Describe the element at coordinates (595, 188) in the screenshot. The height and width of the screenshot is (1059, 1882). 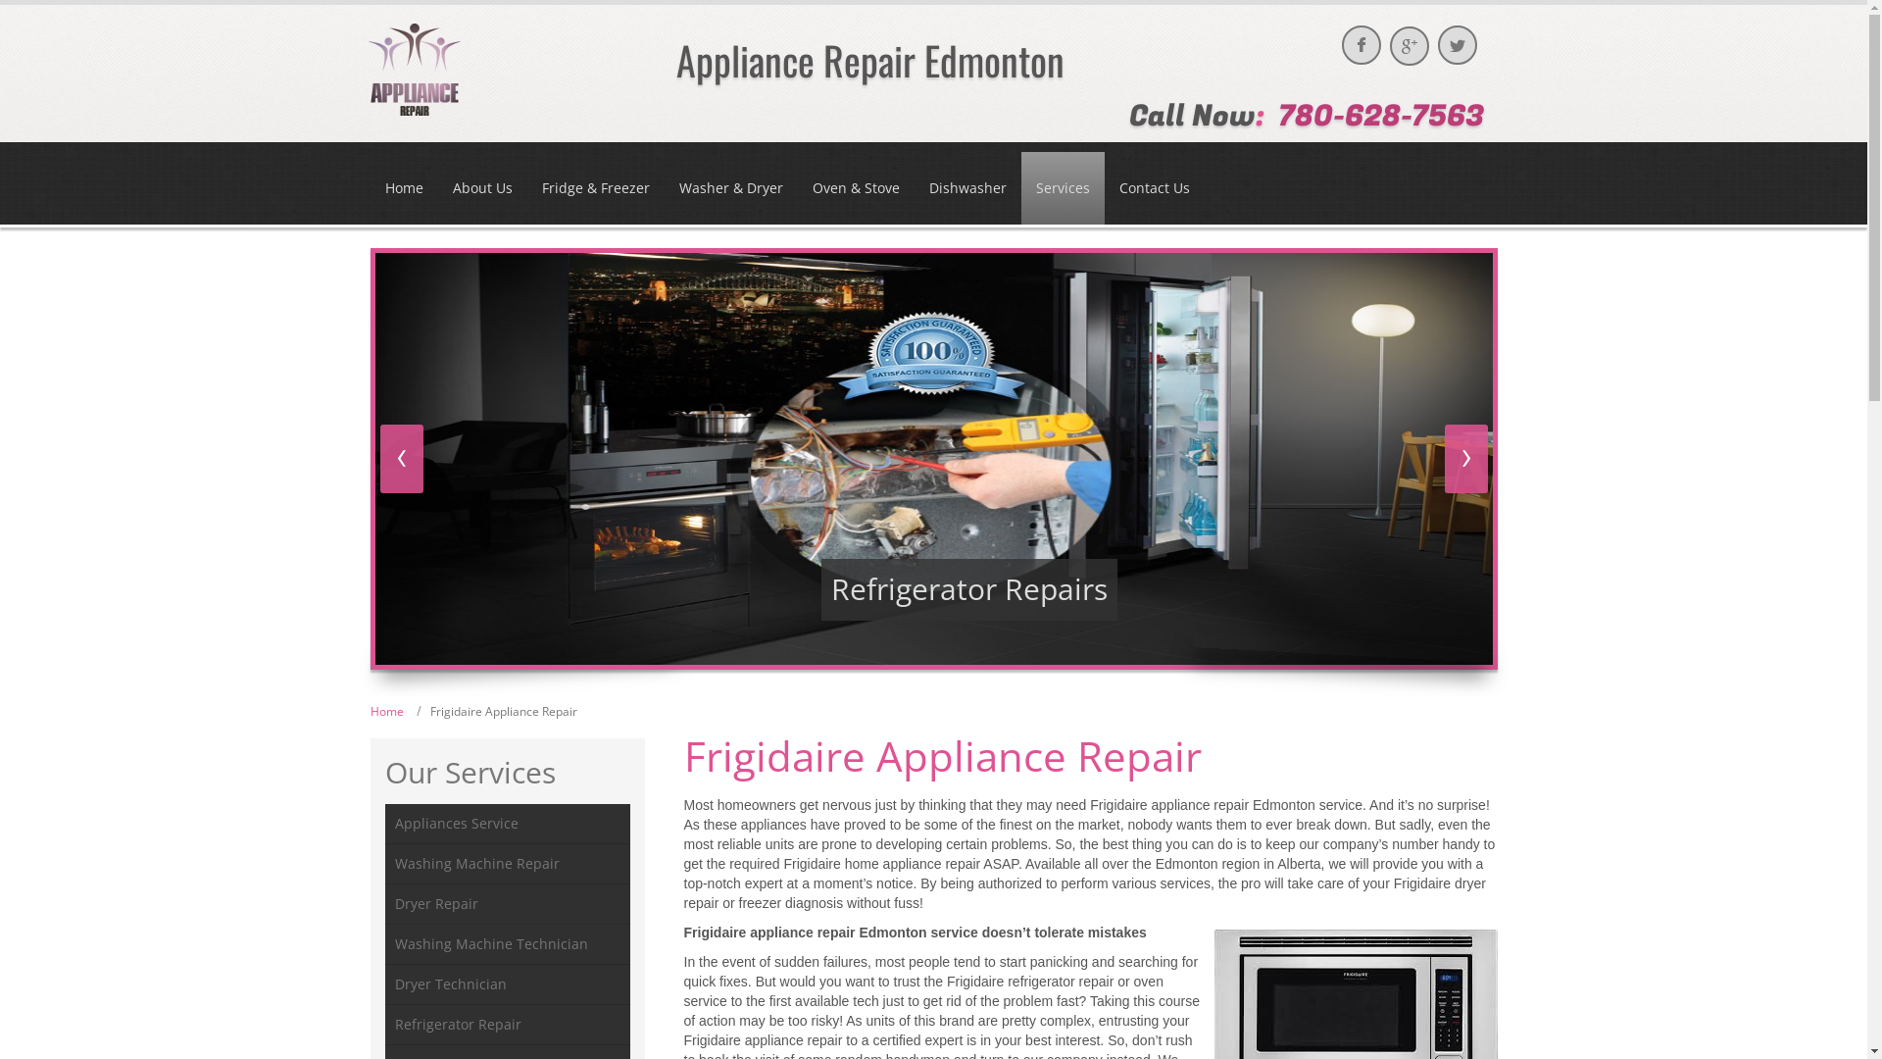
I see `'Fridge & Freezer'` at that location.